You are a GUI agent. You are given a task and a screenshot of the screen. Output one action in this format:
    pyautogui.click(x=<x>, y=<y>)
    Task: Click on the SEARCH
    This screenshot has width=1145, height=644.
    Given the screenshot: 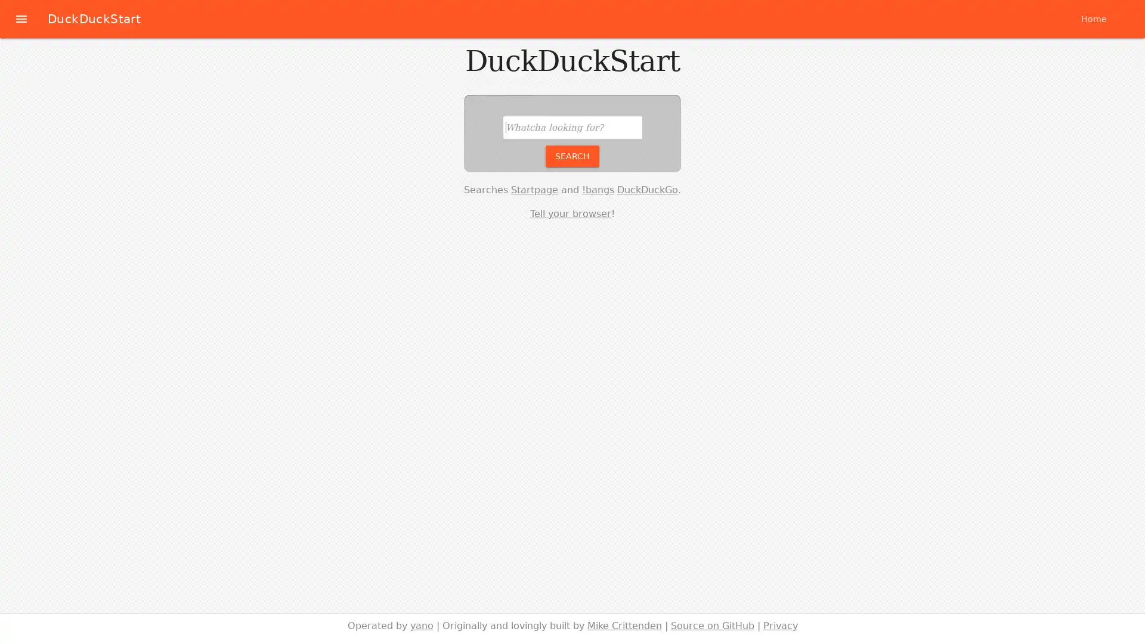 What is the action you would take?
    pyautogui.click(x=572, y=155)
    